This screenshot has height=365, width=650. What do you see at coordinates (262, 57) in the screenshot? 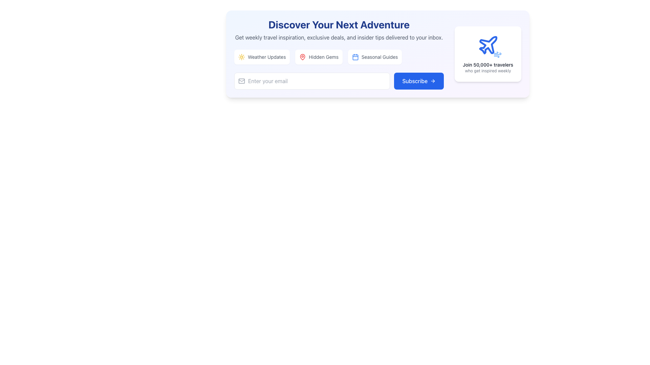
I see `the 'Weather Updates' button, which features a small yellow sun icon and is the first button in a group of three horizontally arranged buttons` at bounding box center [262, 57].